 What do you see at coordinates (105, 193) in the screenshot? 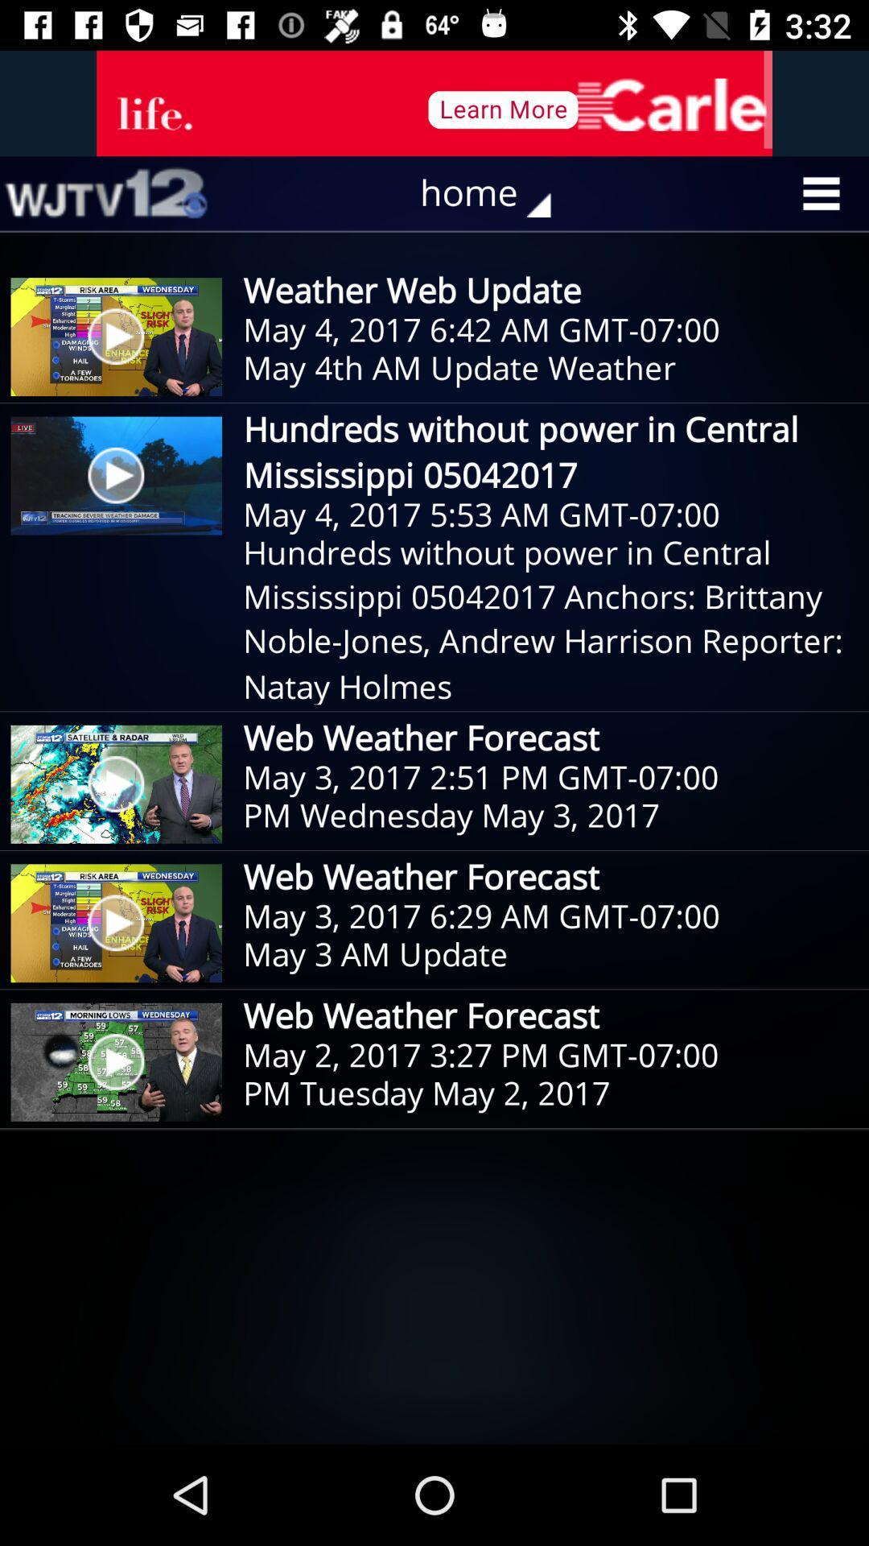
I see `item to the left of the home` at bounding box center [105, 193].